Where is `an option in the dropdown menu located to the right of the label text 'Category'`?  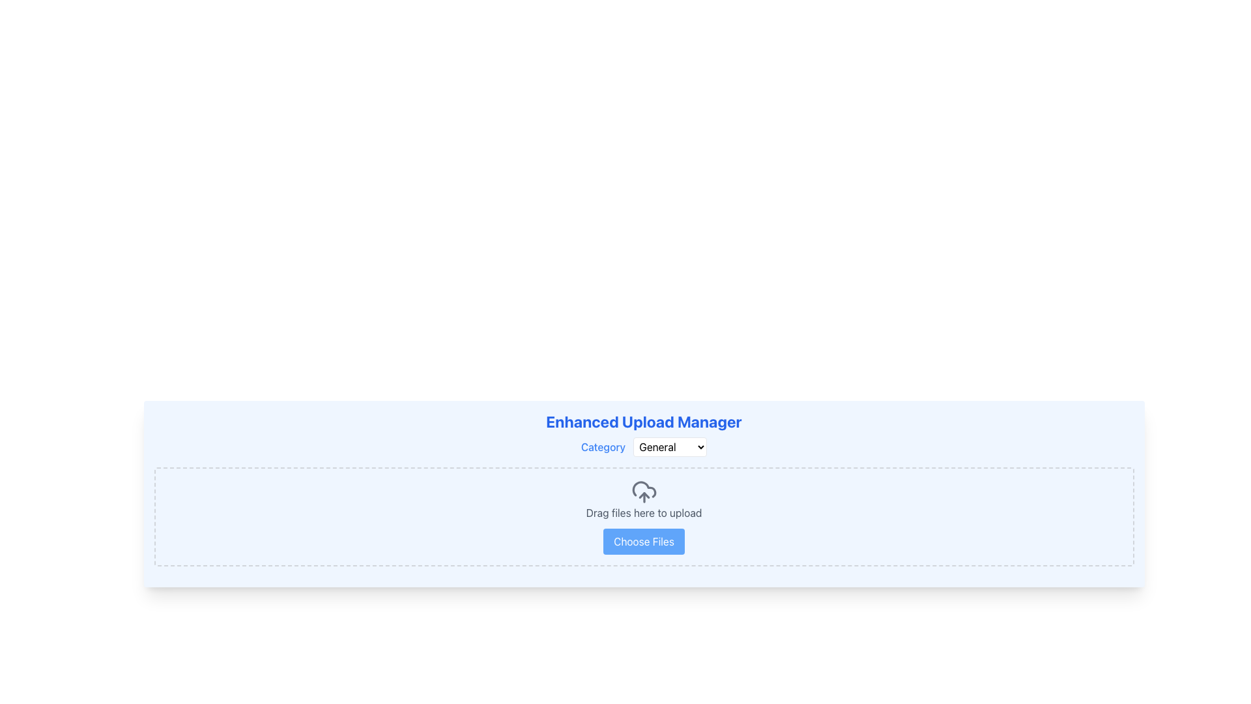
an option in the dropdown menu located to the right of the label text 'Category' is located at coordinates (670, 447).